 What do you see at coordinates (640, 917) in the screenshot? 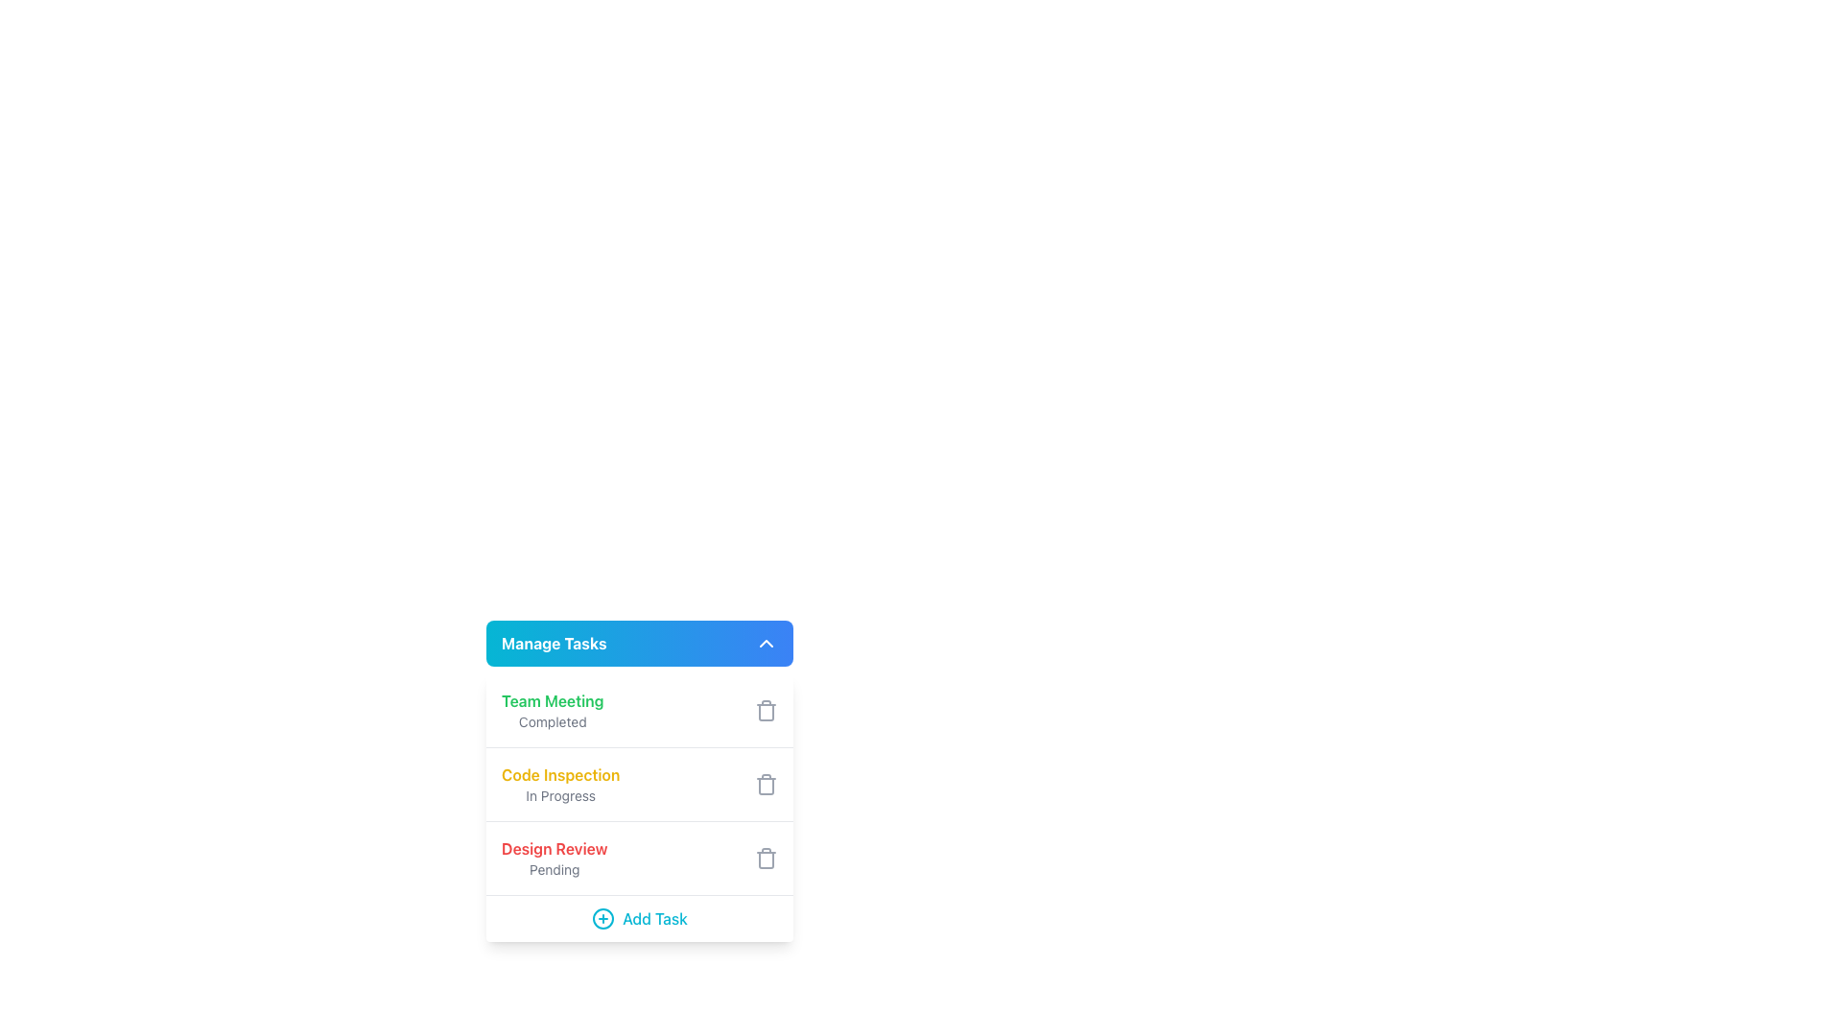
I see `the 'Add Task' button, which is styled with cyan text and a '+' icon, located at the bottom of the task list` at bounding box center [640, 917].